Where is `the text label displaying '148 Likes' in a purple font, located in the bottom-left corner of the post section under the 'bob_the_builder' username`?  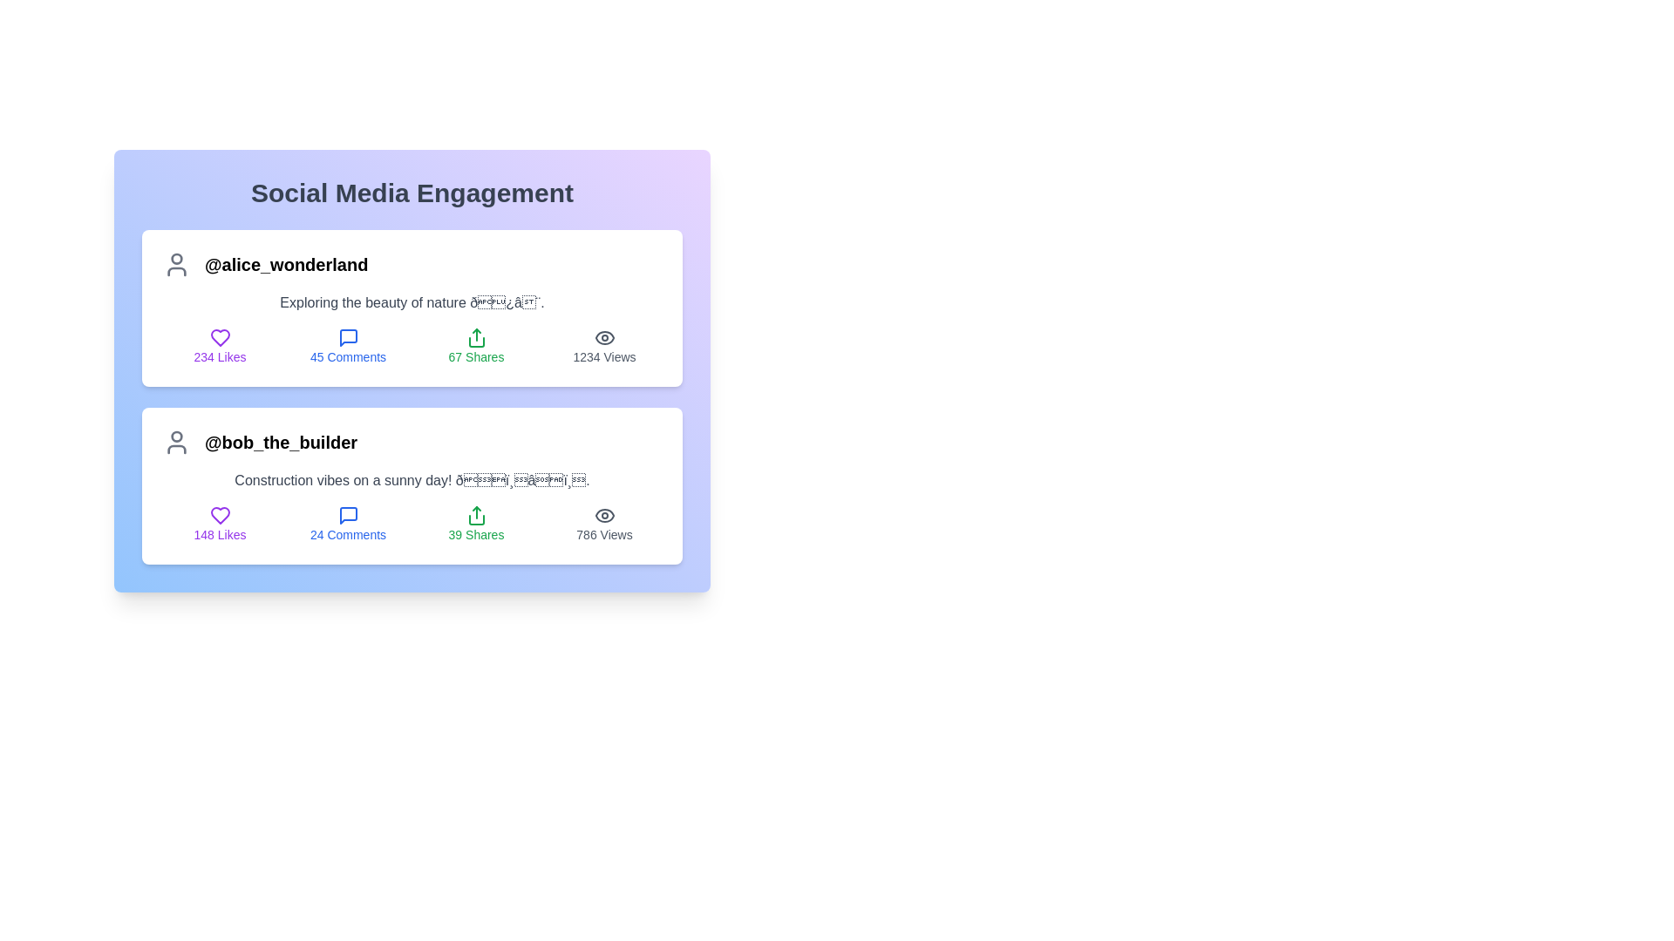
the text label displaying '148 Likes' in a purple font, located in the bottom-left corner of the post section under the 'bob_the_builder' username is located at coordinates (219, 533).